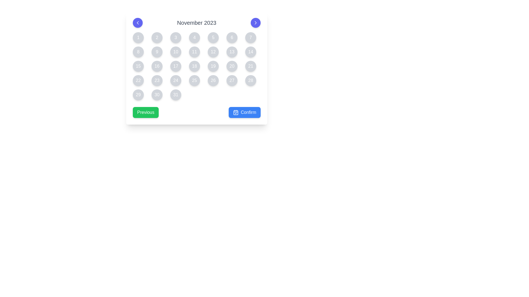 The height and width of the screenshot is (297, 529). What do you see at coordinates (176, 52) in the screenshot?
I see `the button representing the date '10' in the calendar interface` at bounding box center [176, 52].